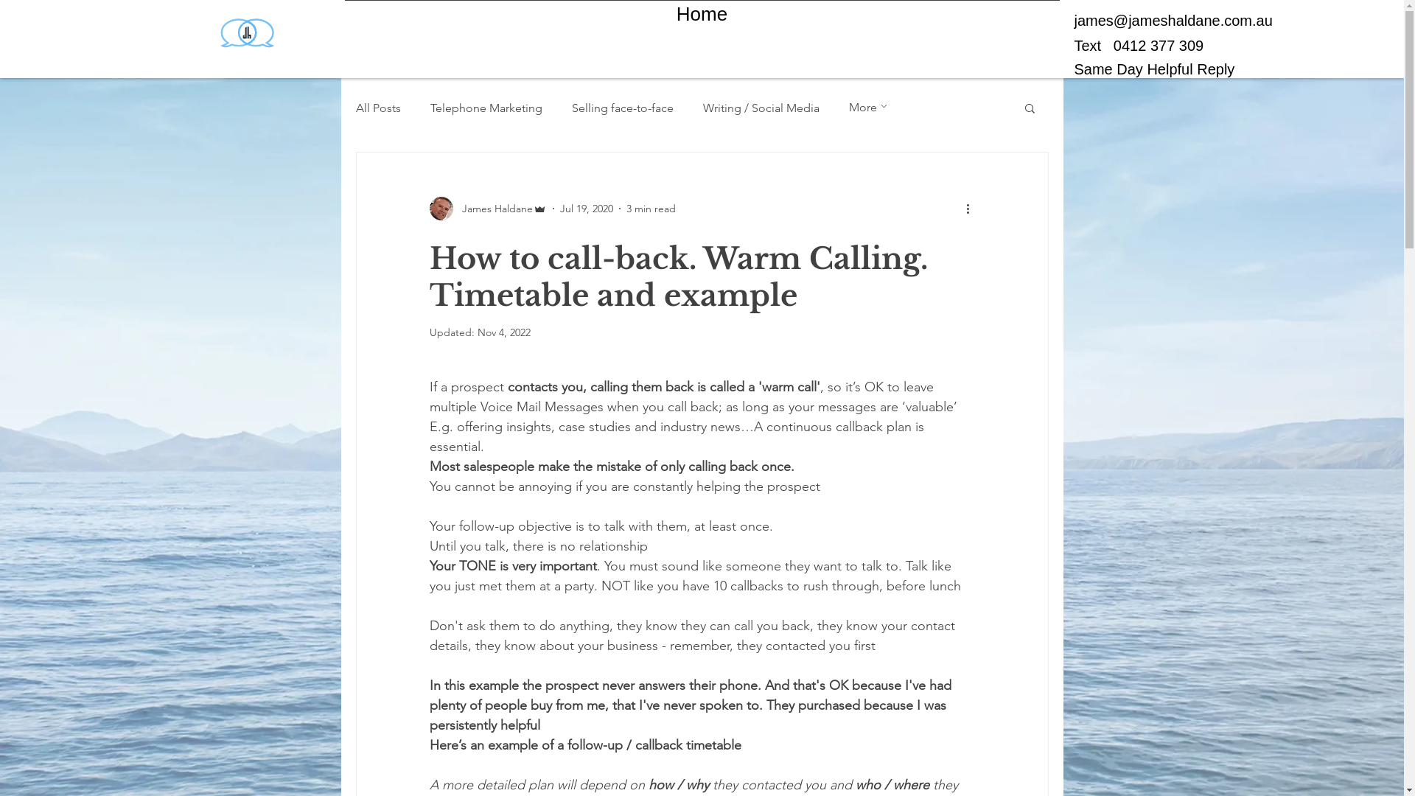  What do you see at coordinates (622, 106) in the screenshot?
I see `'Selling face-to-face'` at bounding box center [622, 106].